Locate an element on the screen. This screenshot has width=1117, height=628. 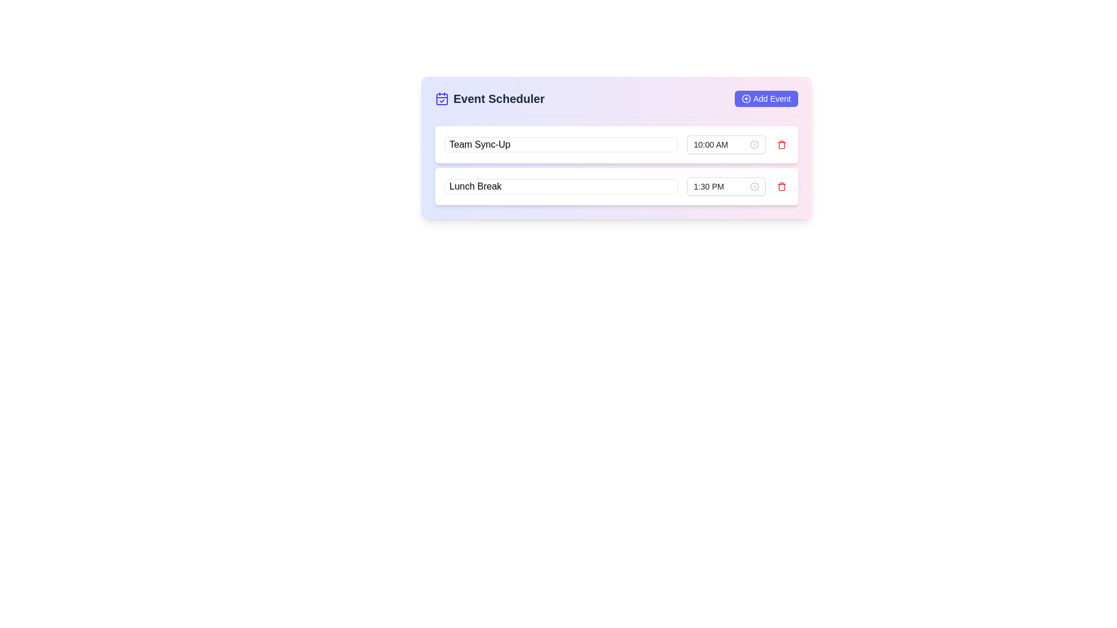
the time picker input field that displays '1:30 PM' is located at coordinates (725, 185).